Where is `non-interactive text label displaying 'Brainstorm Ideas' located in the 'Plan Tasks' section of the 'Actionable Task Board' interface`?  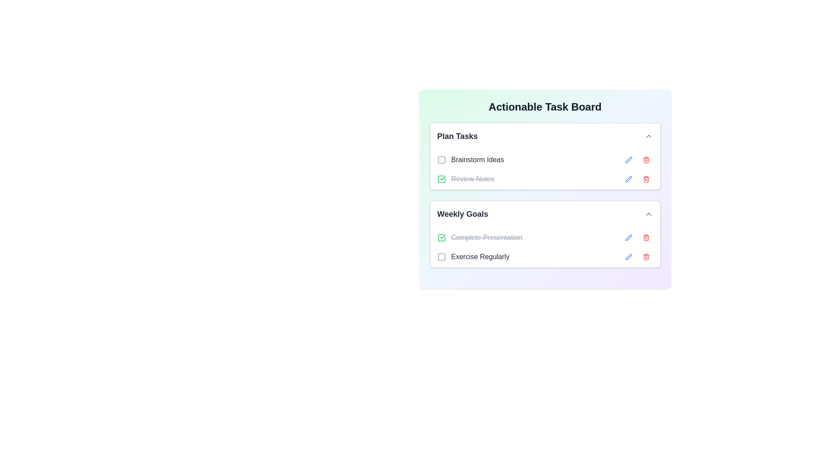 non-interactive text label displaying 'Brainstorm Ideas' located in the 'Plan Tasks' section of the 'Actionable Task Board' interface is located at coordinates (477, 160).